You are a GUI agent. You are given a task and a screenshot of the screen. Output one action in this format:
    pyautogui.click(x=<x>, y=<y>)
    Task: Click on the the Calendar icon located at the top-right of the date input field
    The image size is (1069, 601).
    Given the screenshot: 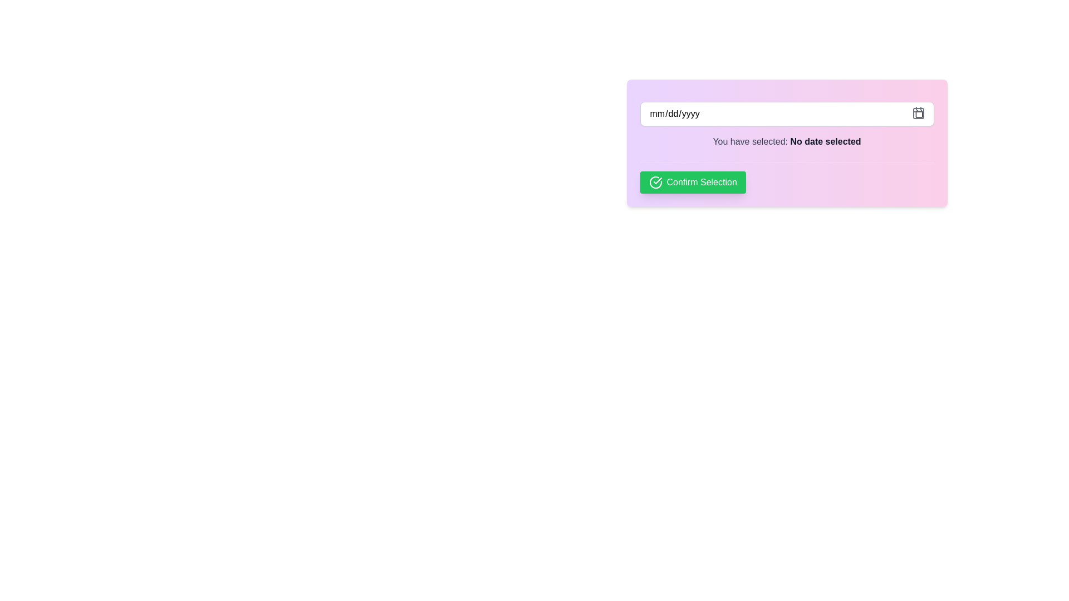 What is the action you would take?
    pyautogui.click(x=918, y=113)
    